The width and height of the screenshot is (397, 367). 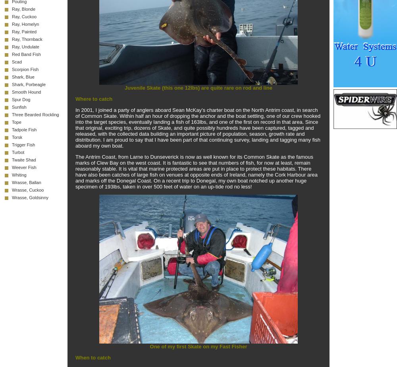 What do you see at coordinates (12, 91) in the screenshot?
I see `'Smooth Hound'` at bounding box center [12, 91].